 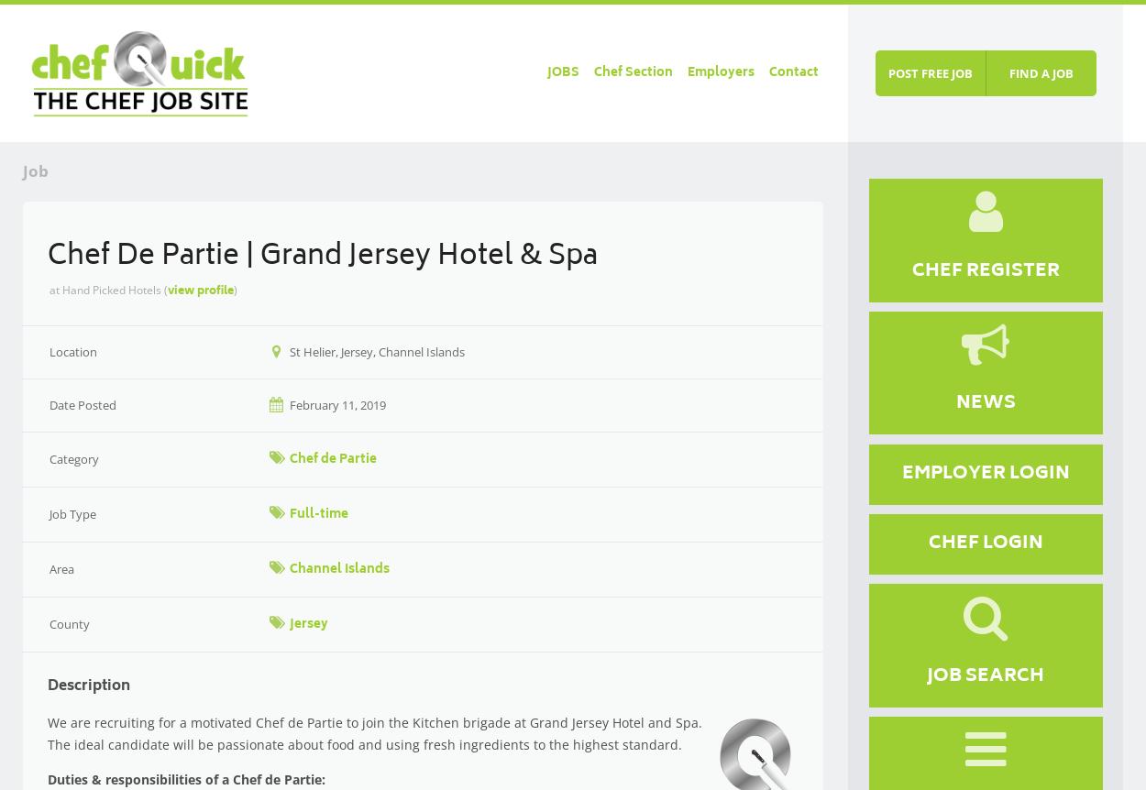 What do you see at coordinates (72, 349) in the screenshot?
I see `'Location'` at bounding box center [72, 349].